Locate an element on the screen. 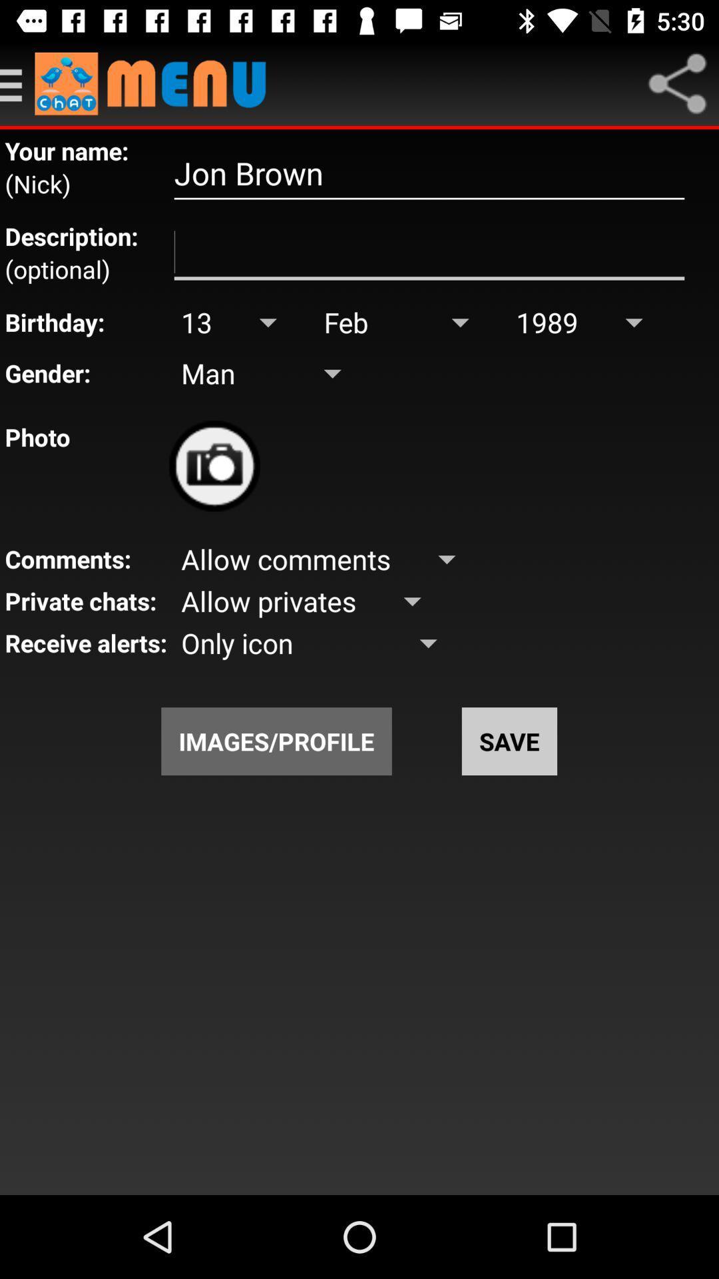  menu is located at coordinates (17, 83).